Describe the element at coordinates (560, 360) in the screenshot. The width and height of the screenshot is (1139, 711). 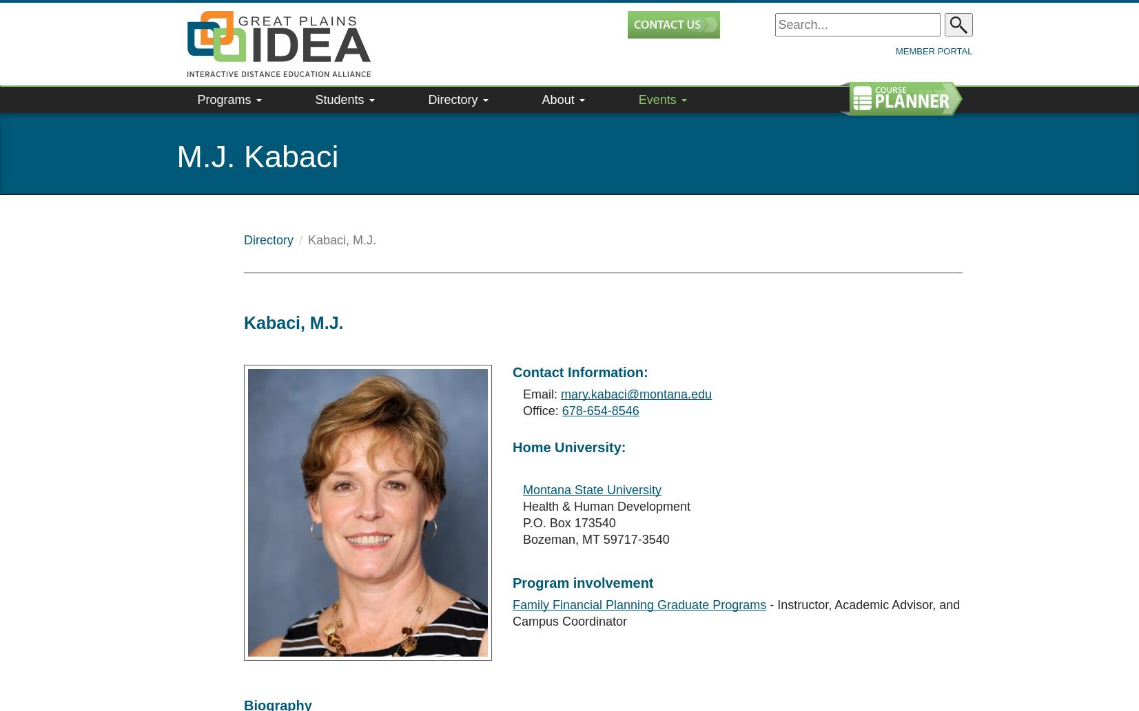
I see `'mary.kabaci@montana.edu'` at that location.